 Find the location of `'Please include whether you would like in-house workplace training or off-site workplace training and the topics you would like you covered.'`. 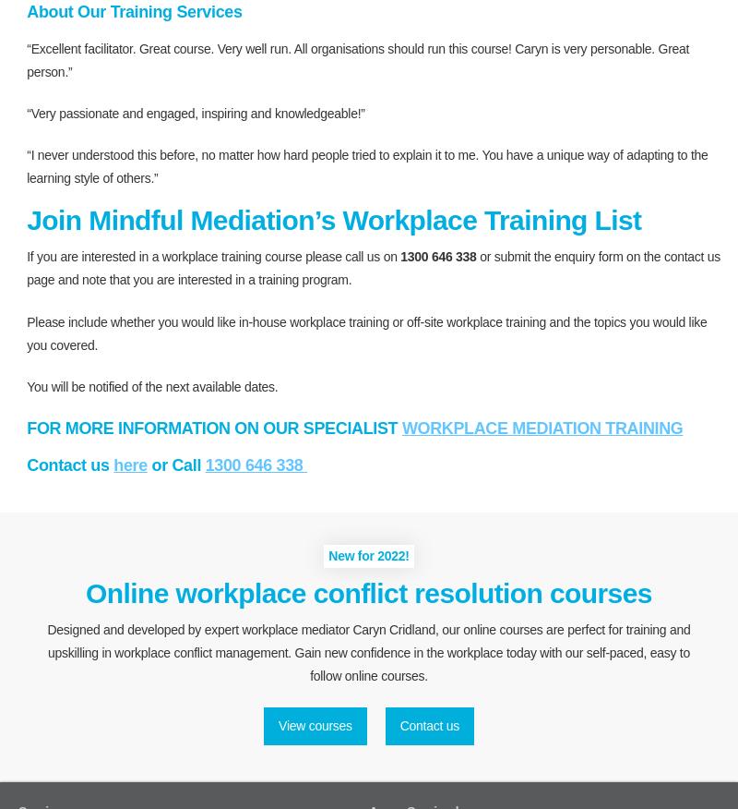

'Please include whether you would like in-house workplace training or off-site workplace training and the topics you would like you covered.' is located at coordinates (365, 332).